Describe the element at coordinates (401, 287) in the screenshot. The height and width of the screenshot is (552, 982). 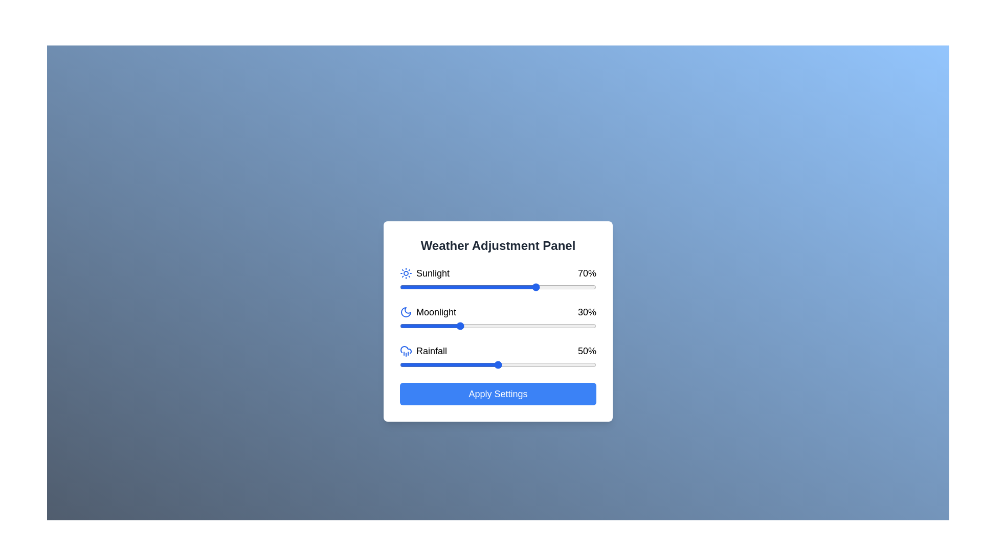
I see `the sunlight slider to 1%` at that location.